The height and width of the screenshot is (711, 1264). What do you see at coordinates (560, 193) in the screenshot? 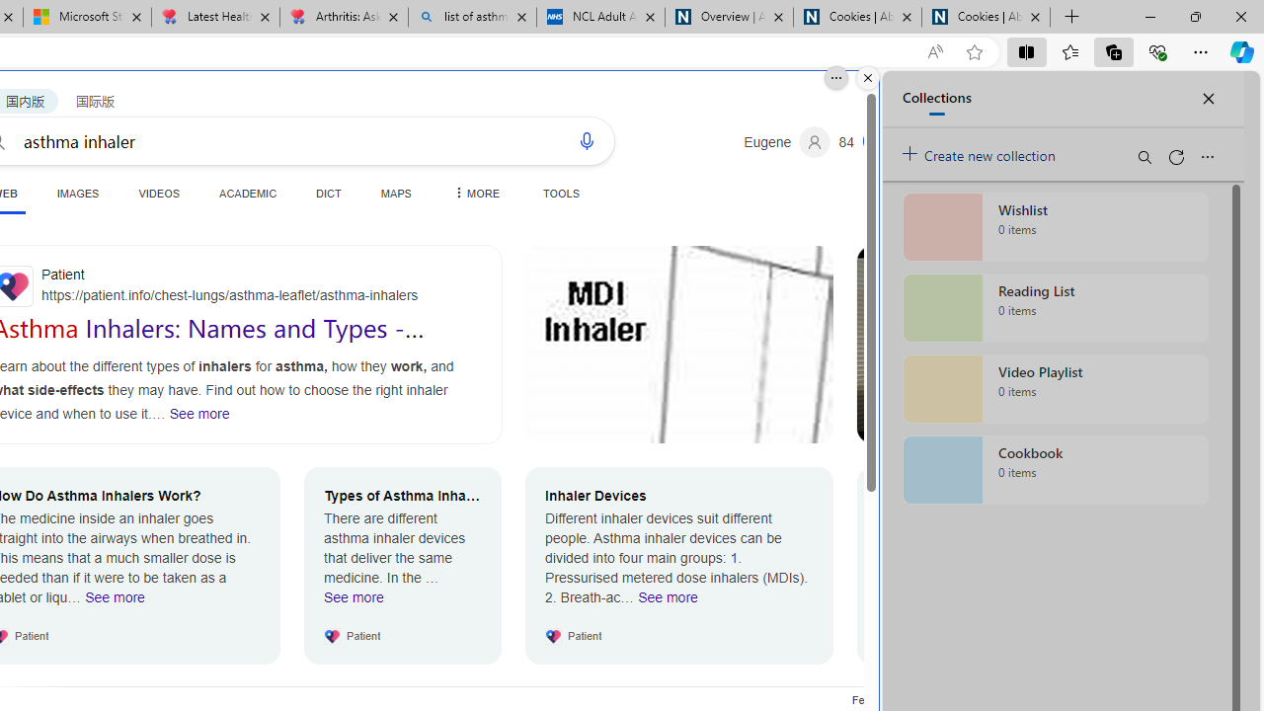
I see `'TOOLS'` at bounding box center [560, 193].